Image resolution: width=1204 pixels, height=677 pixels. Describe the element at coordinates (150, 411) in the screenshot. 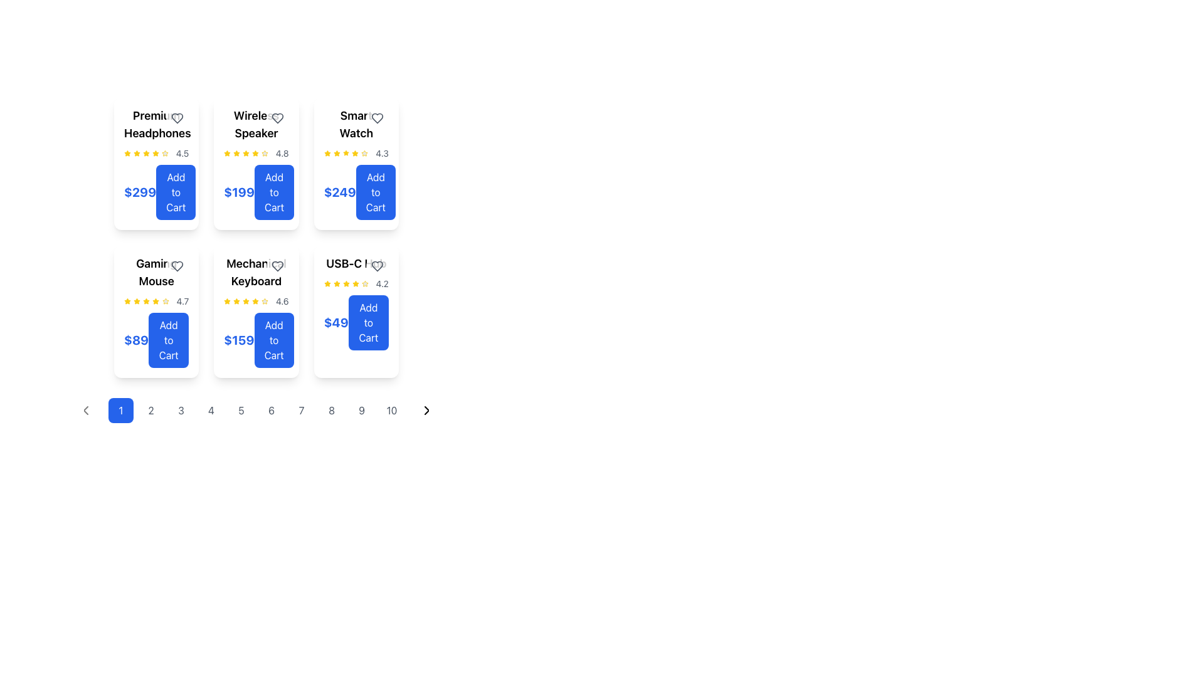

I see `the second pagination button, which is located at the bottom of the interface and allows navigation to the second page of a paginated list` at that location.